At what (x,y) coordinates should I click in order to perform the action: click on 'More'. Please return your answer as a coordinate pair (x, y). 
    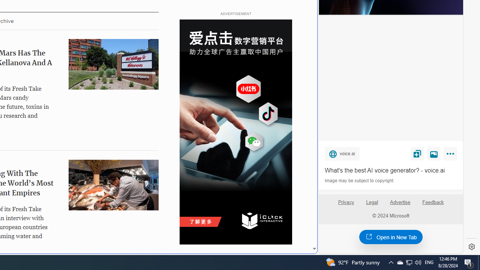
    Looking at the image, I should click on (451, 154).